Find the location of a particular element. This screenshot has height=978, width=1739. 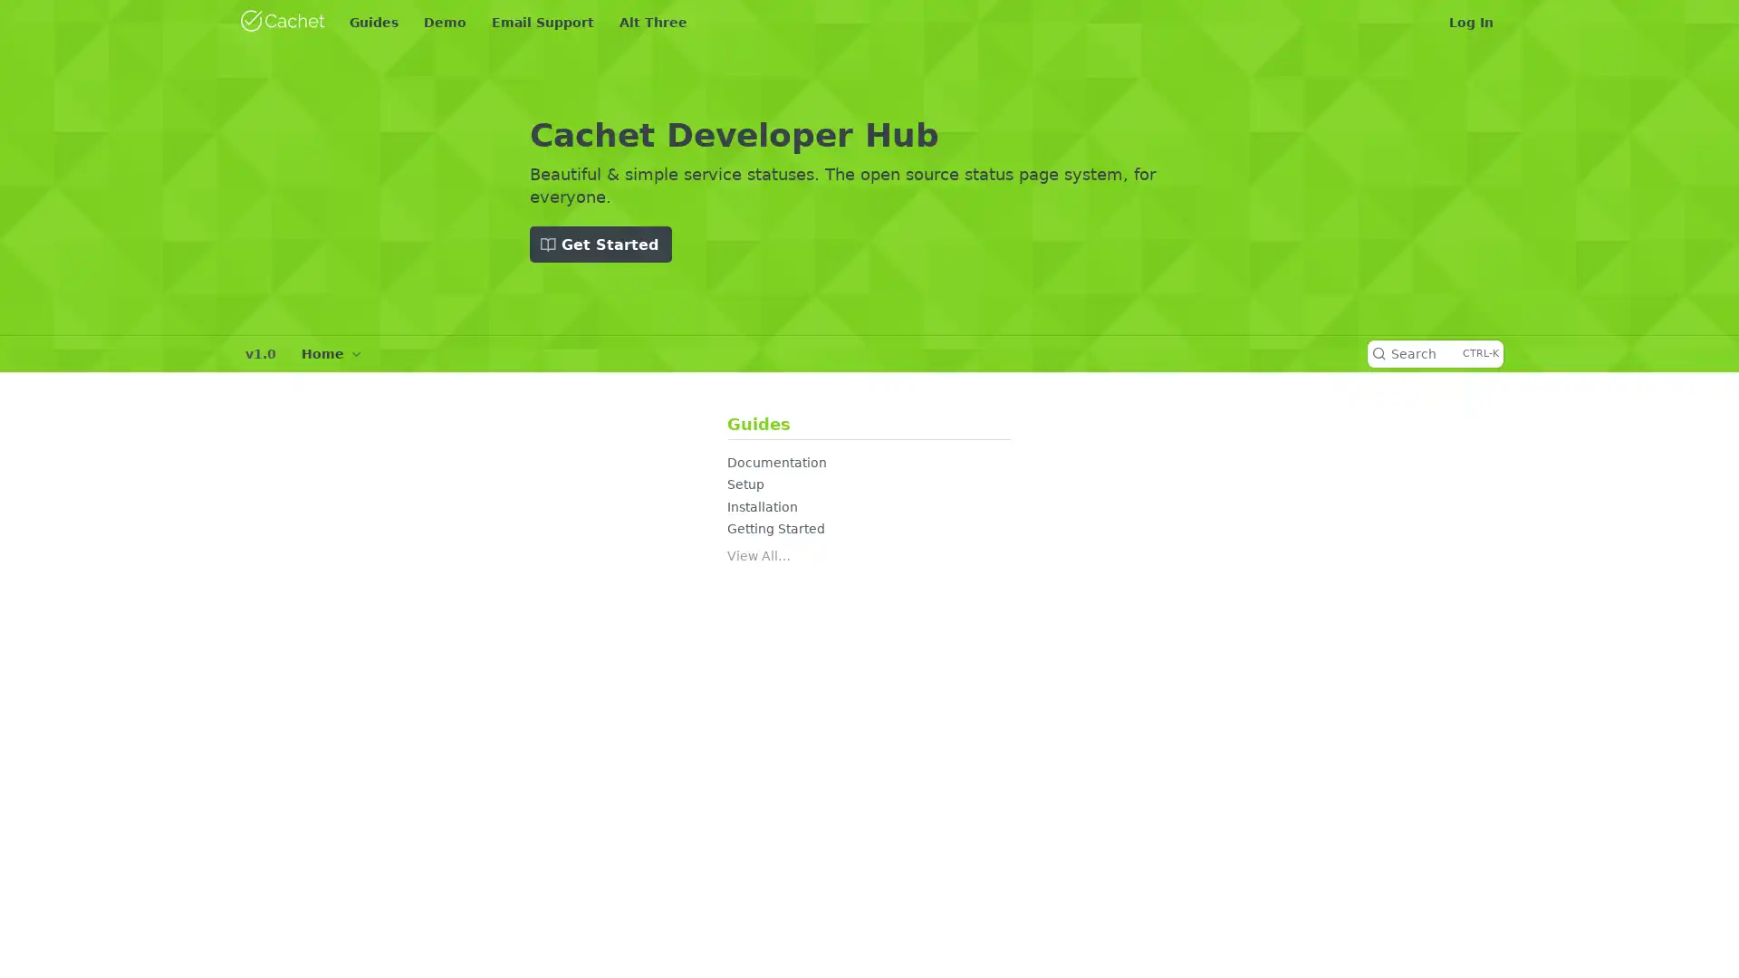

Search is located at coordinates (1434, 353).